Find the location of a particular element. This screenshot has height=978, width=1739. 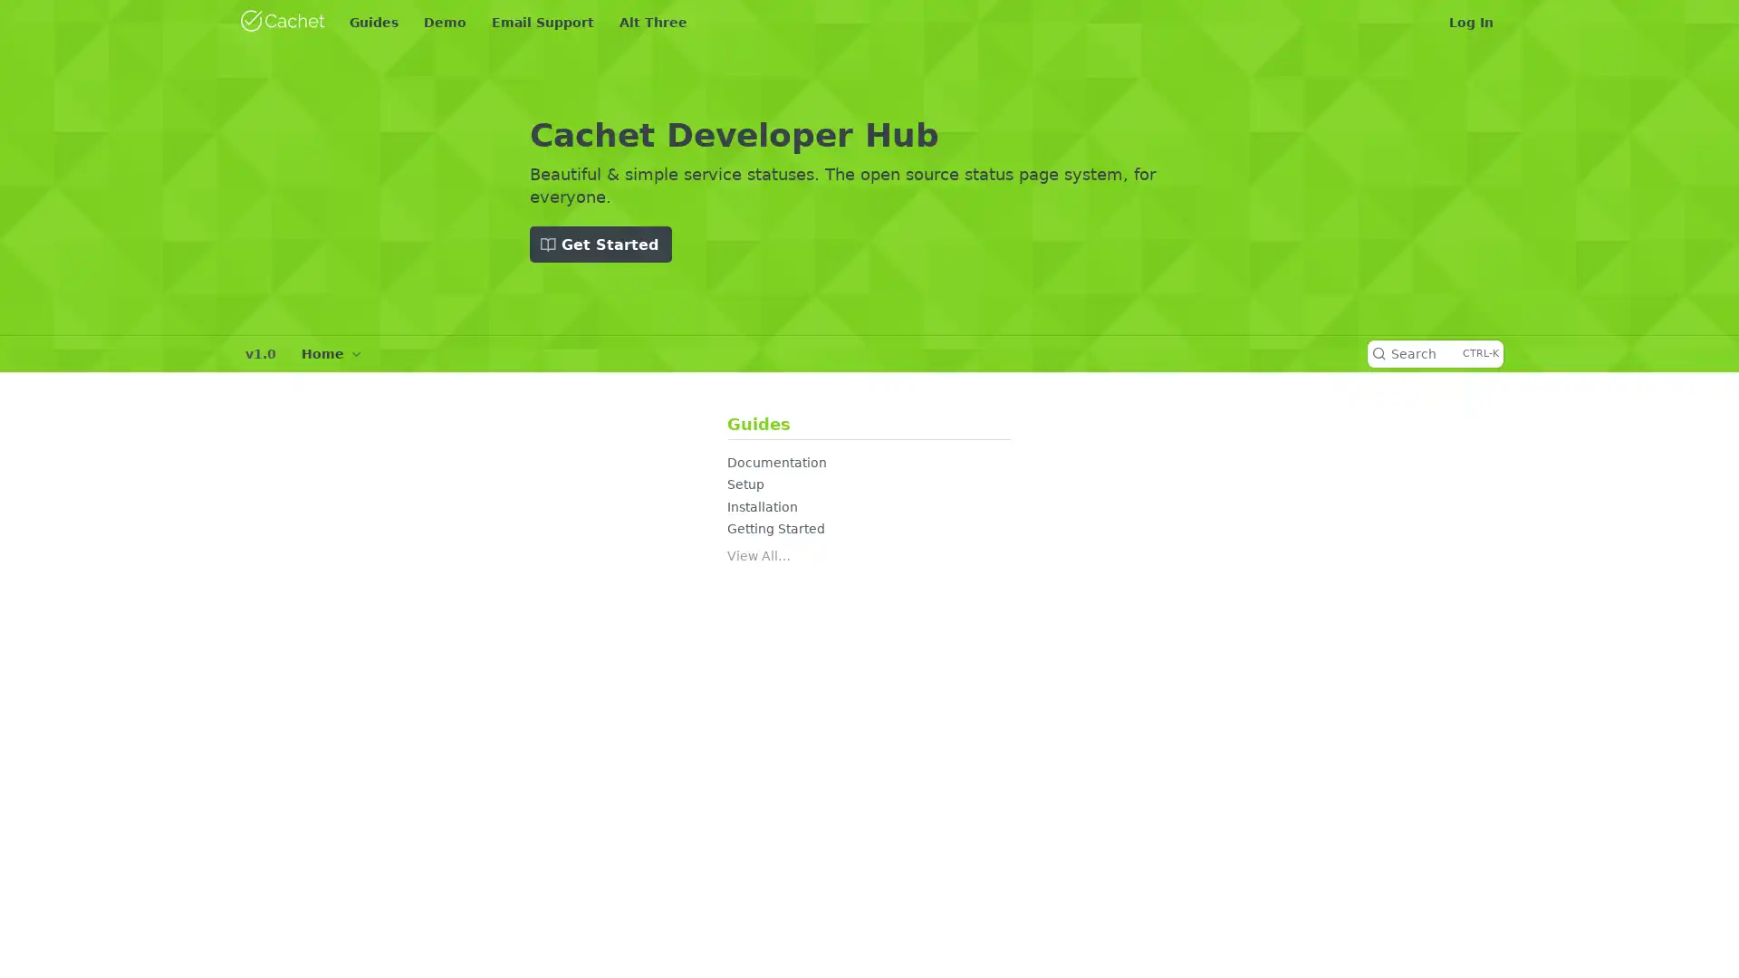

Search is located at coordinates (1434, 353).